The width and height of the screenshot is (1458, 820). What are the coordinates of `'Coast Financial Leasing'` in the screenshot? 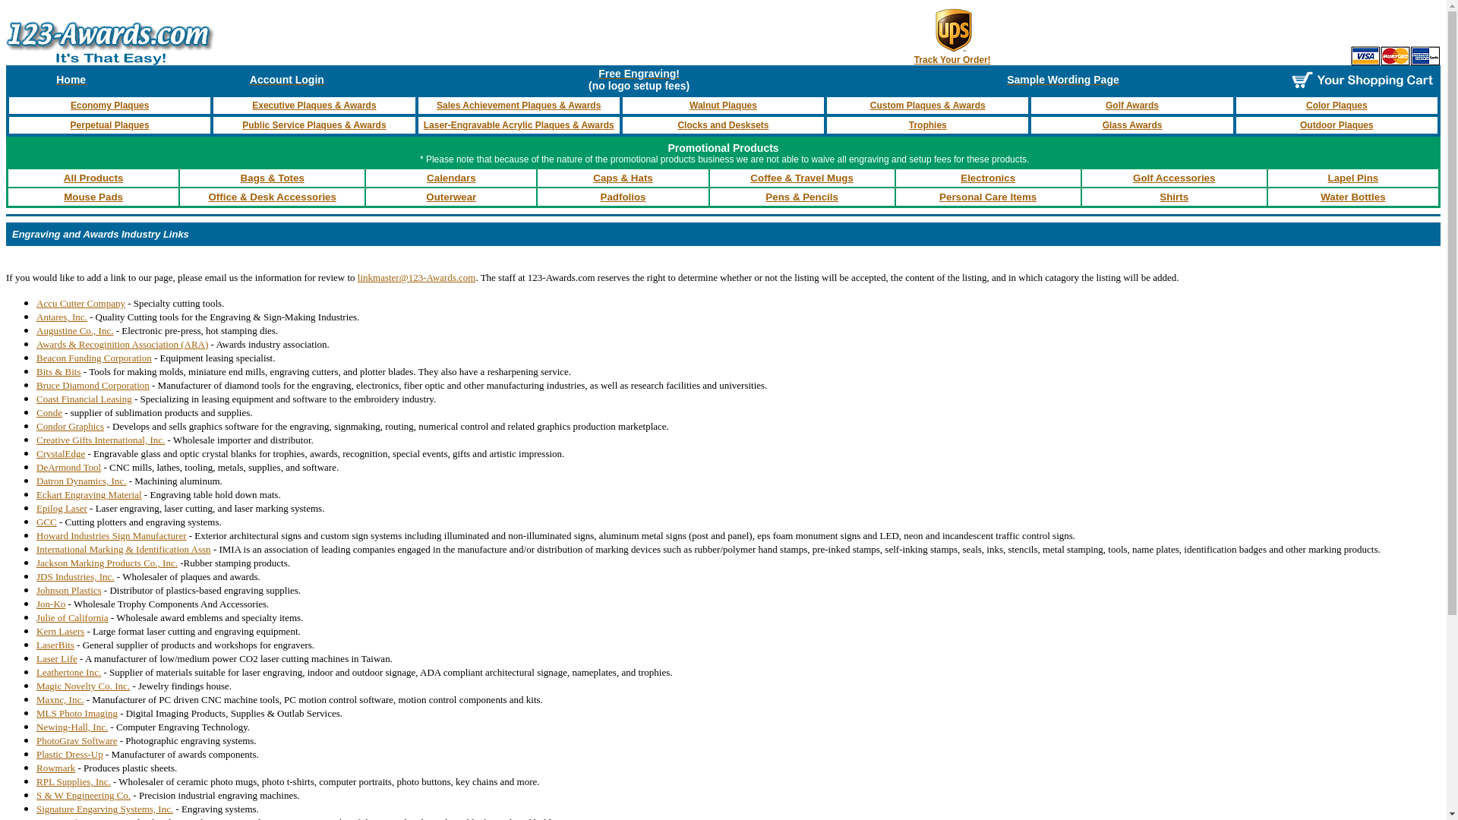 It's located at (83, 398).